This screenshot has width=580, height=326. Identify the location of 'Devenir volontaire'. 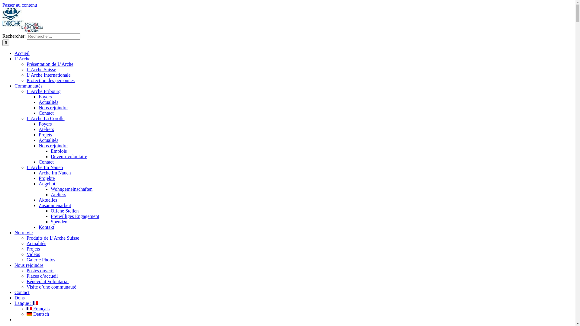
(69, 156).